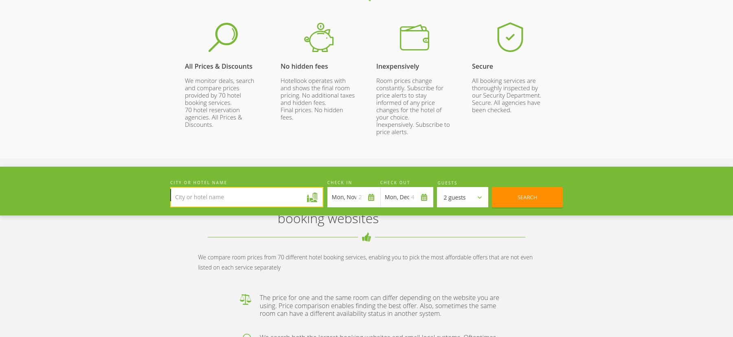 The image size is (733, 337). What do you see at coordinates (510, 50) in the screenshot?
I see `'644 000'` at bounding box center [510, 50].